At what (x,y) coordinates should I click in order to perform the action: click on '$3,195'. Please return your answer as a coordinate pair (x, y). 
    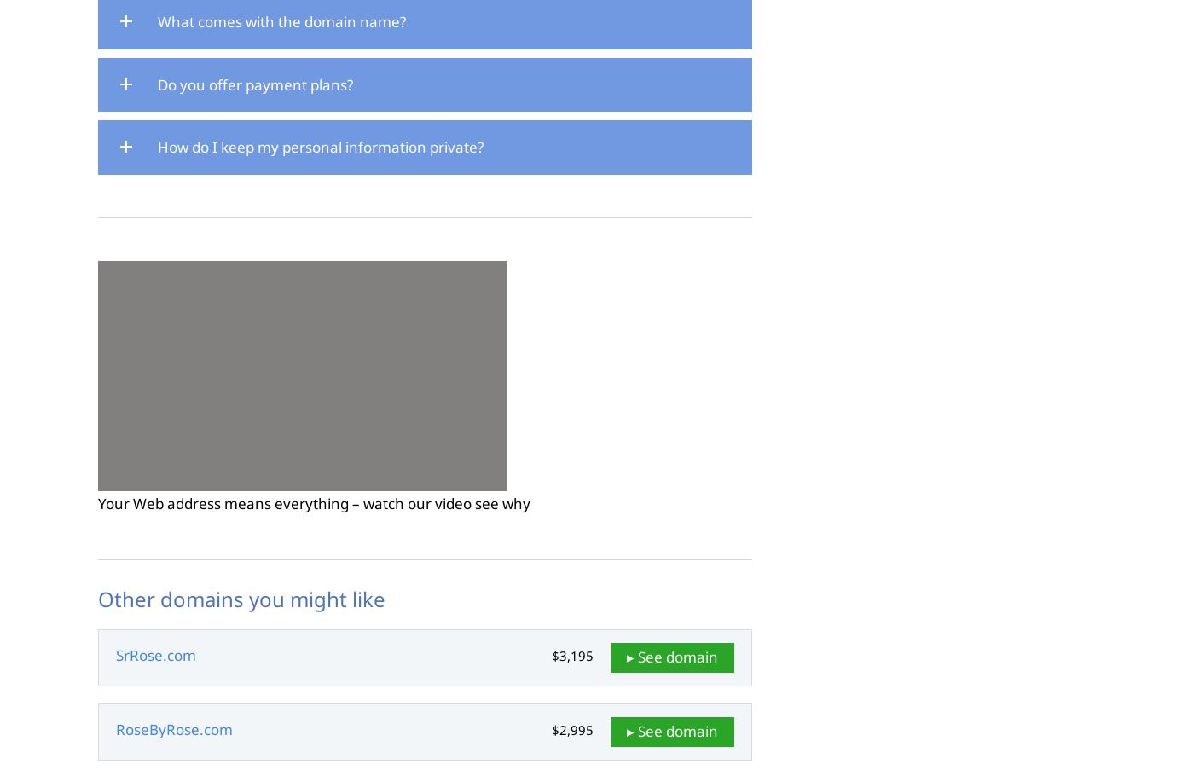
    Looking at the image, I should click on (572, 655).